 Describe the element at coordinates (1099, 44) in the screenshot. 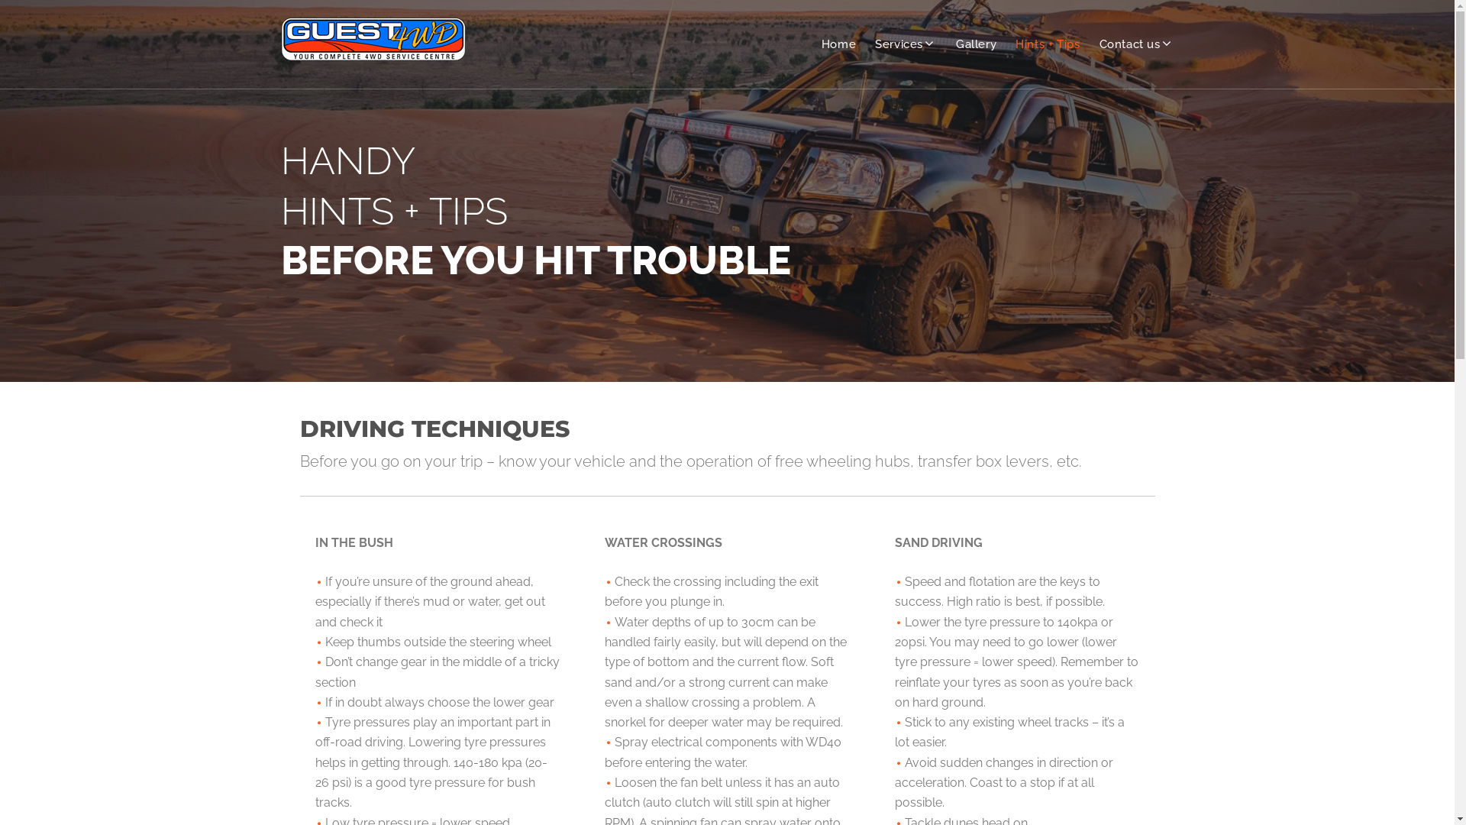

I see `'Contact us'` at that location.